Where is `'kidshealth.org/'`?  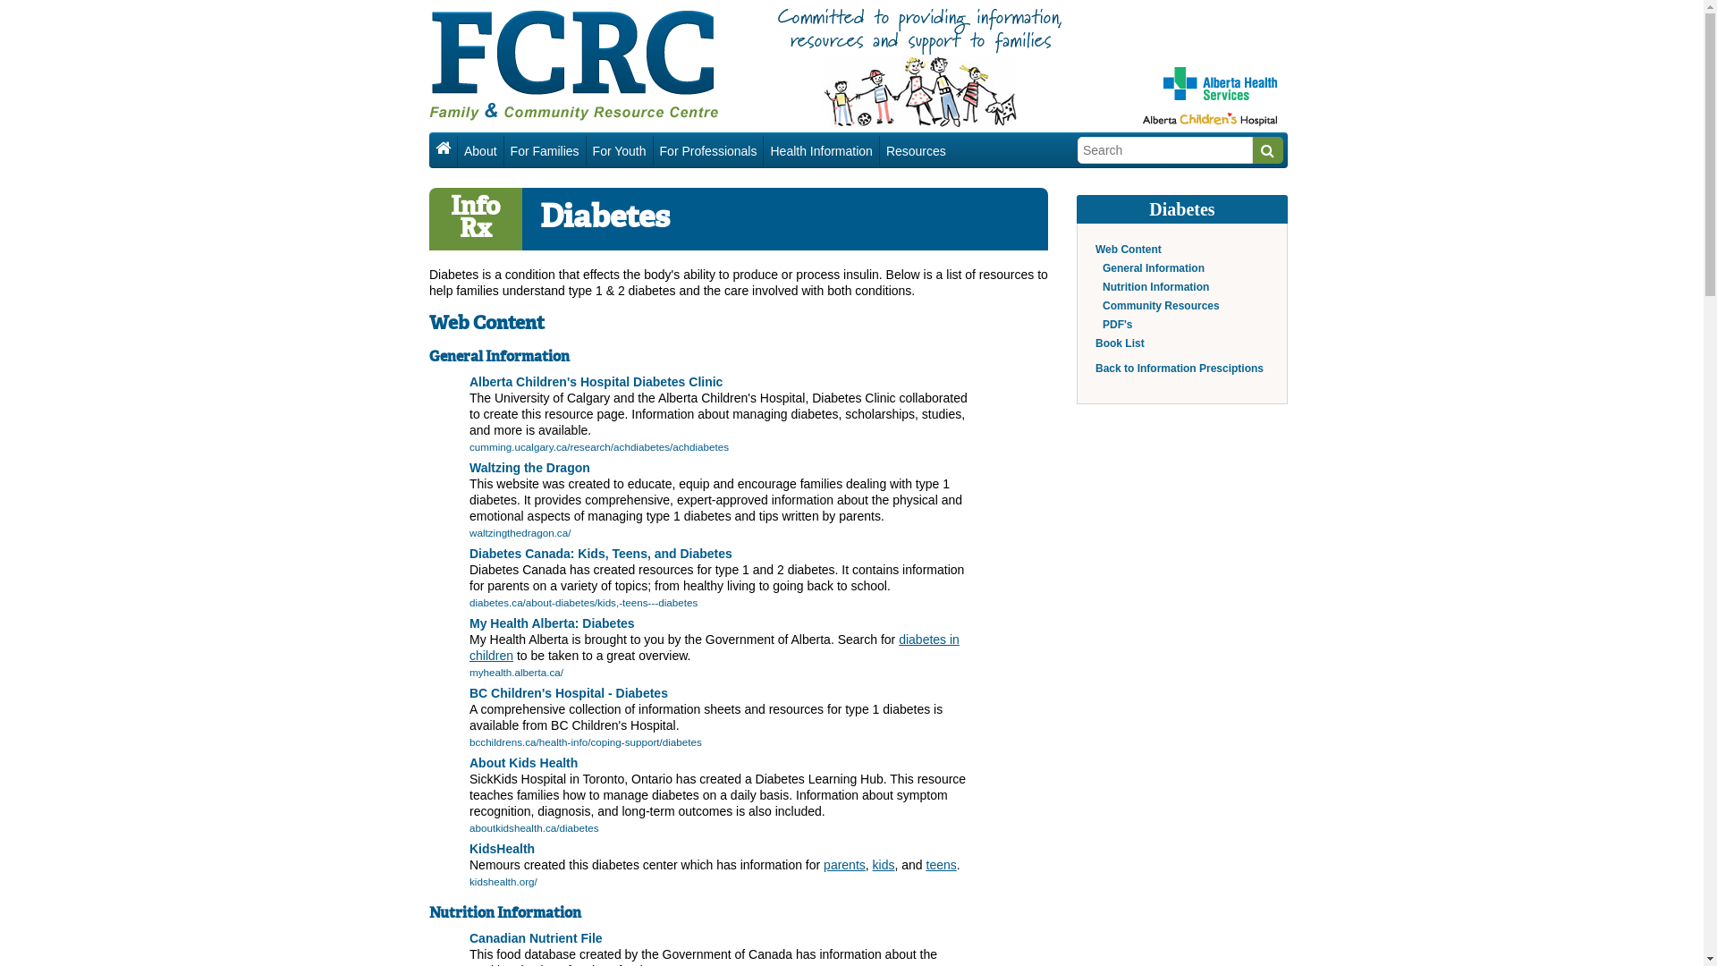
'kidshealth.org/' is located at coordinates (502, 880).